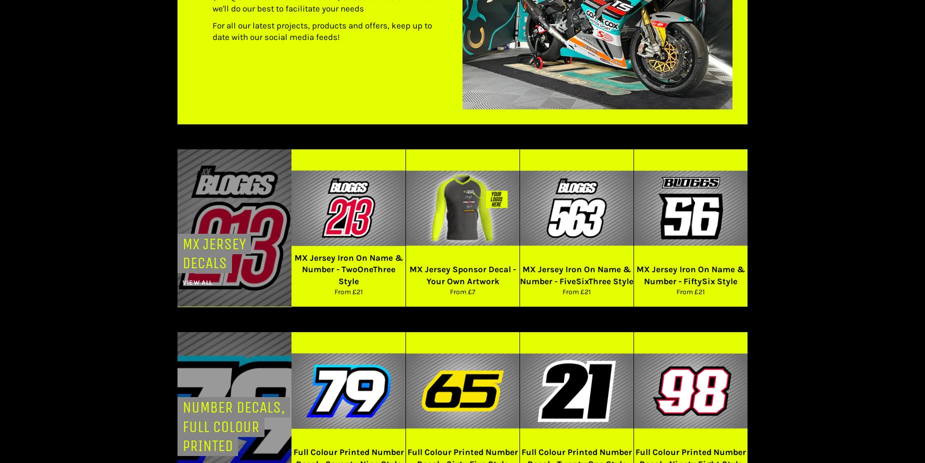 The width and height of the screenshot is (925, 463). What do you see at coordinates (462, 292) in the screenshot?
I see `'From £7'` at bounding box center [462, 292].